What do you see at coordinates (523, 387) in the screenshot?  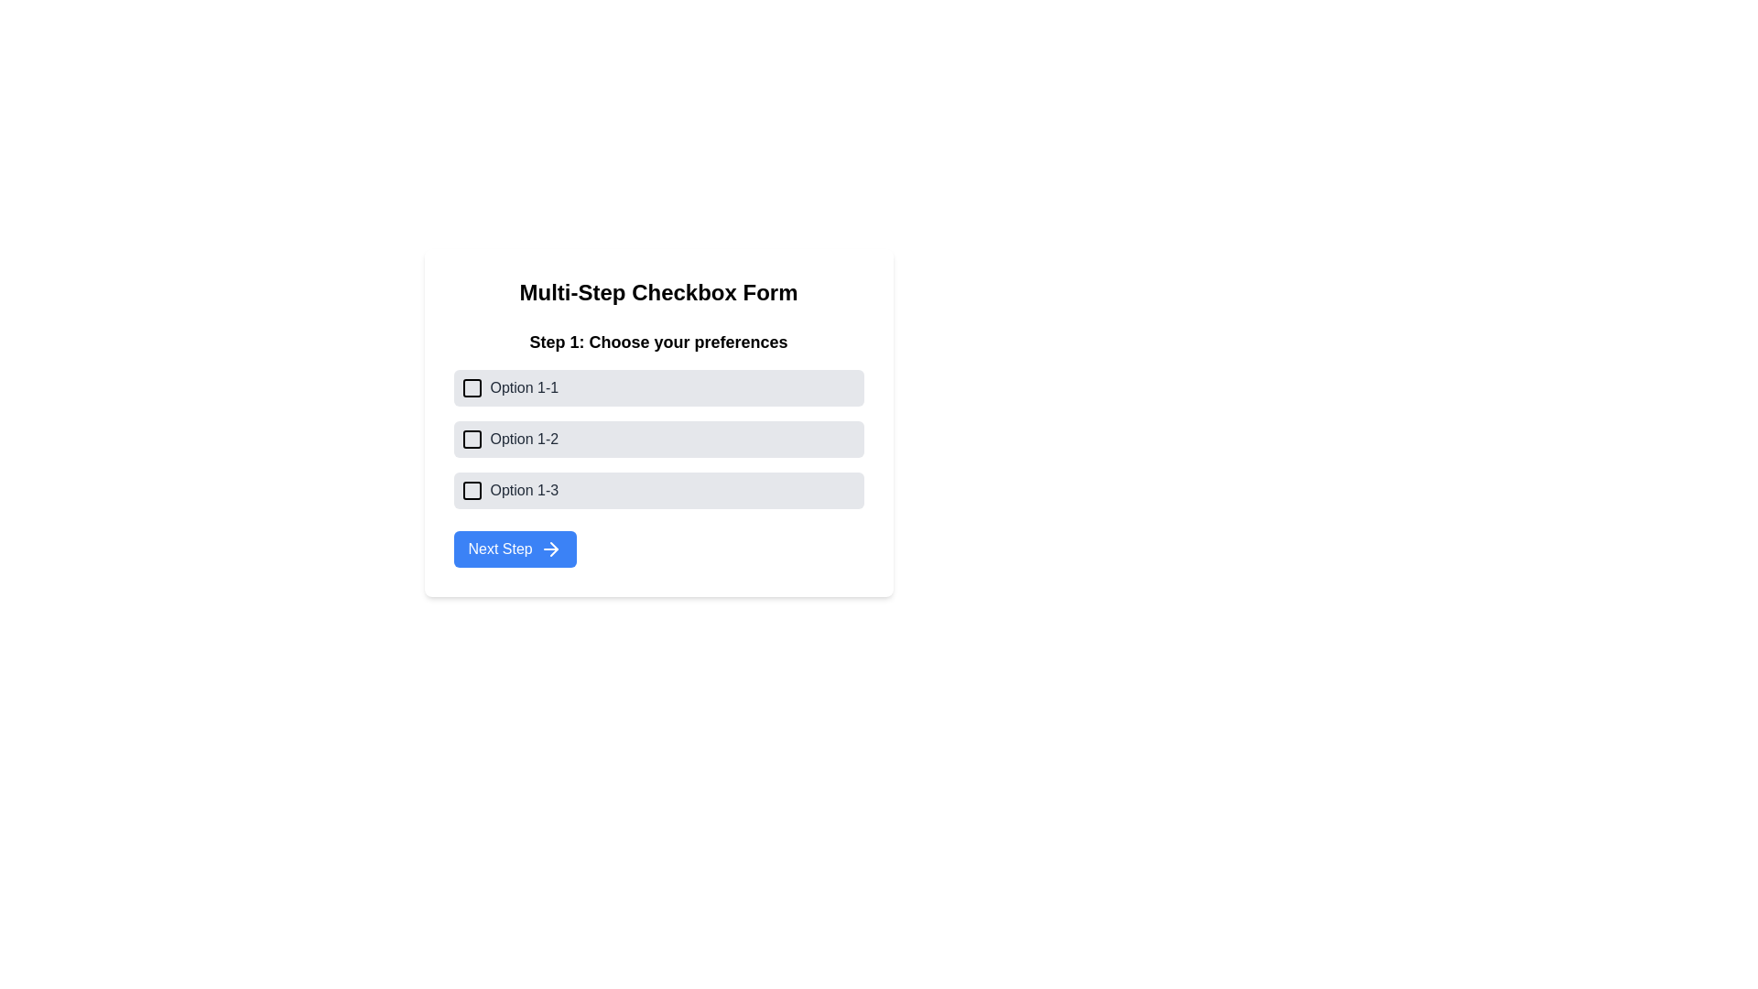 I see `the descriptive text label for the first checkbox option under 'Step 1: Choose your preferences', which is located to the right of the checkbox` at bounding box center [523, 387].